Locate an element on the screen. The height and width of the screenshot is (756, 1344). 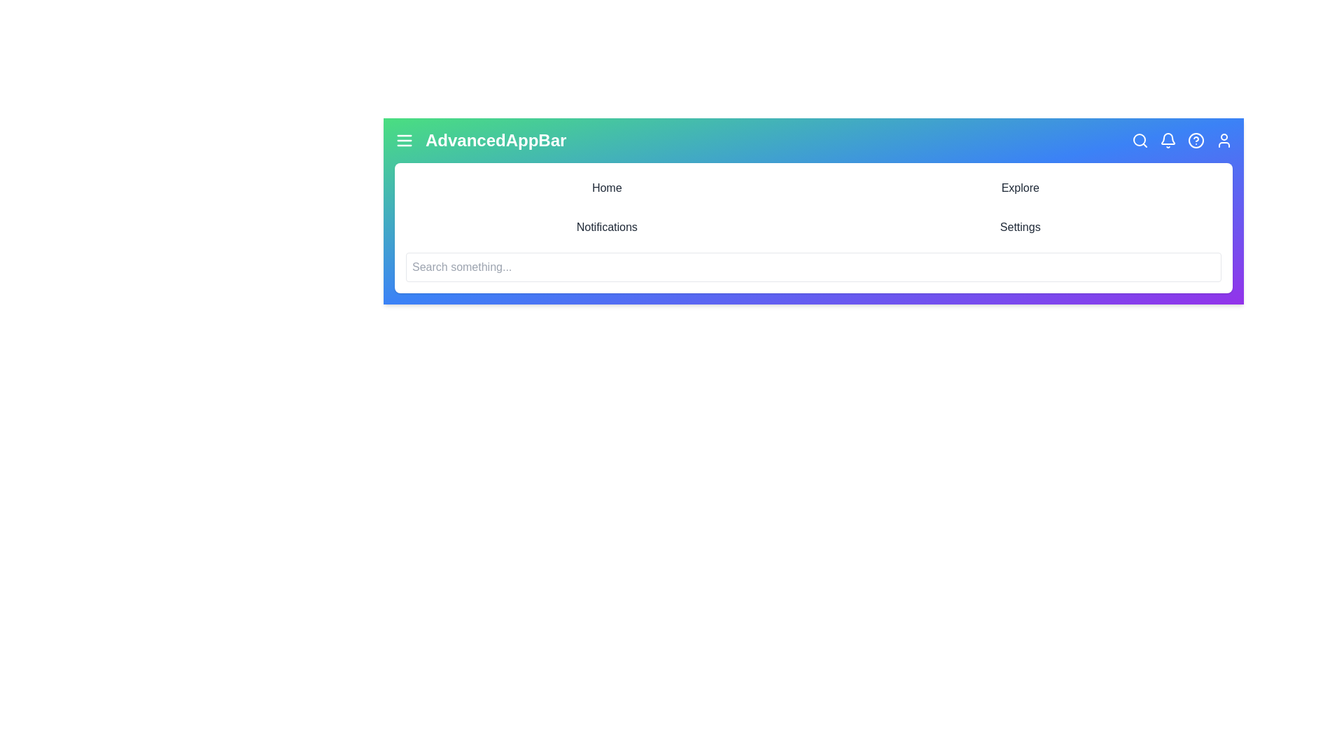
the menu item Settings to navigate to the corresponding section is located at coordinates (1020, 226).